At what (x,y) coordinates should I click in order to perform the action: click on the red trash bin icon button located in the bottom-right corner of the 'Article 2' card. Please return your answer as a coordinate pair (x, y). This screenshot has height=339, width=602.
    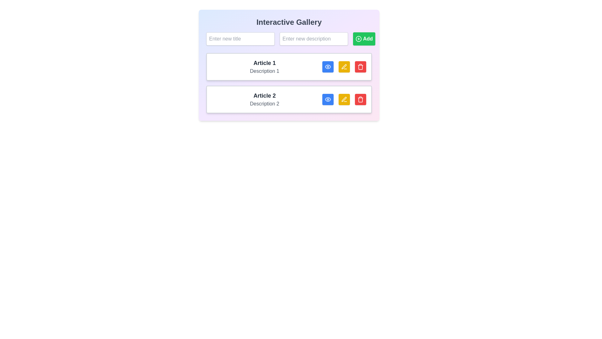
    Looking at the image, I should click on (361, 99).